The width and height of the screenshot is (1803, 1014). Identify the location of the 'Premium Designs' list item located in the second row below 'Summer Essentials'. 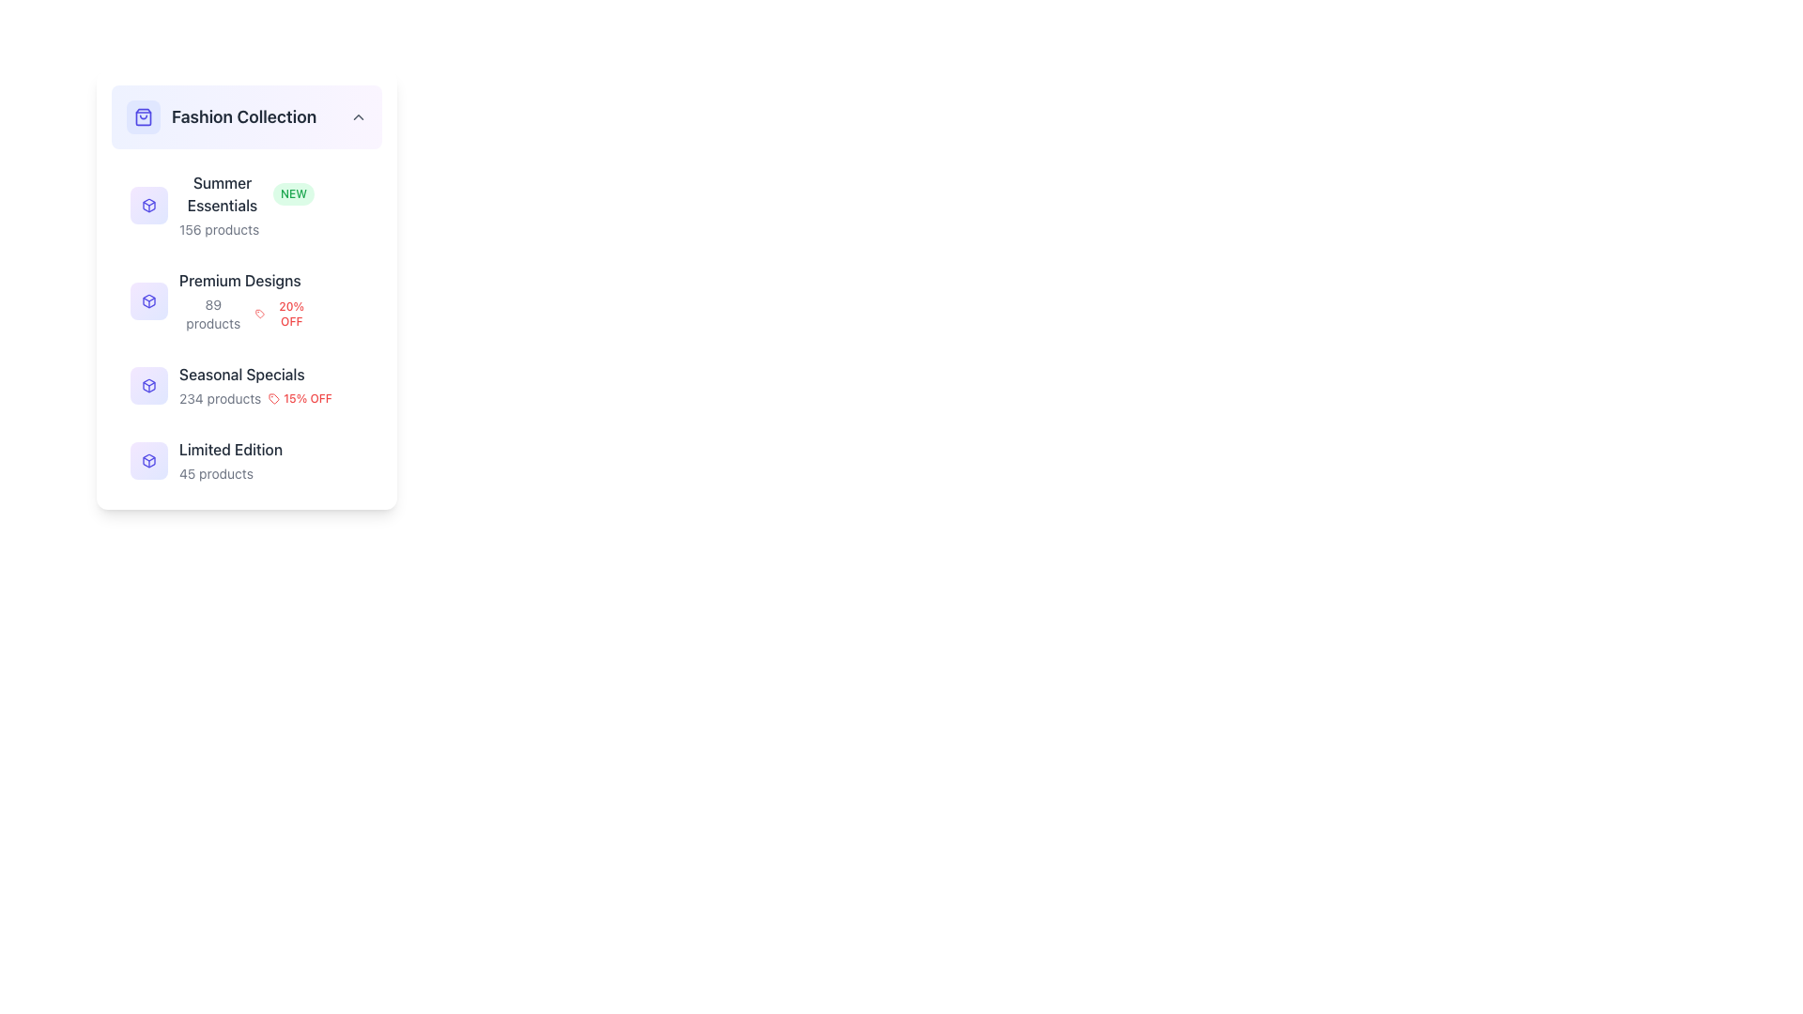
(222, 300).